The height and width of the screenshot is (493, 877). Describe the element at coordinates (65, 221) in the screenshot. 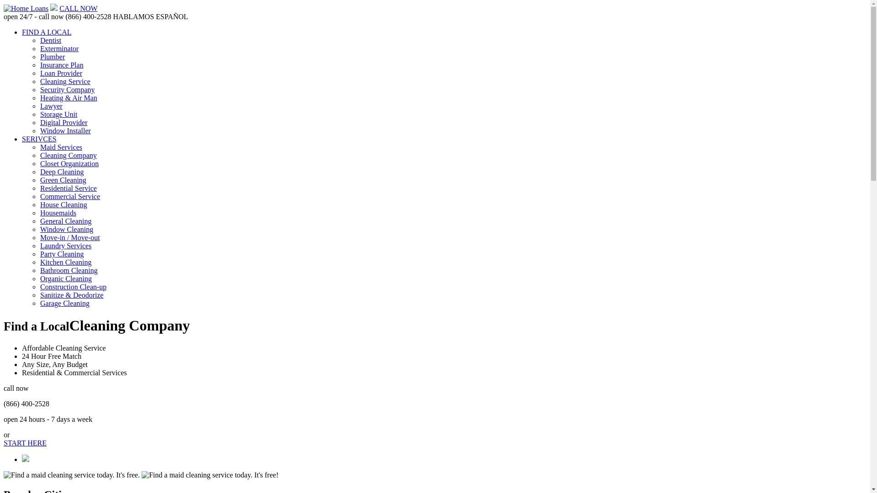

I see `'General Cleaning'` at that location.